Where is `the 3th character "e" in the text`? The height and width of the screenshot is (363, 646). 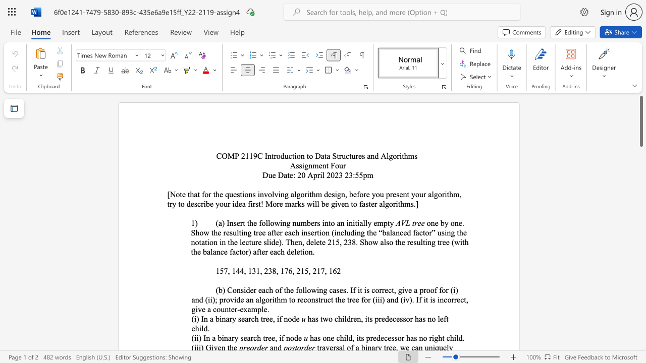
the 3th character "e" in the text is located at coordinates (271, 319).